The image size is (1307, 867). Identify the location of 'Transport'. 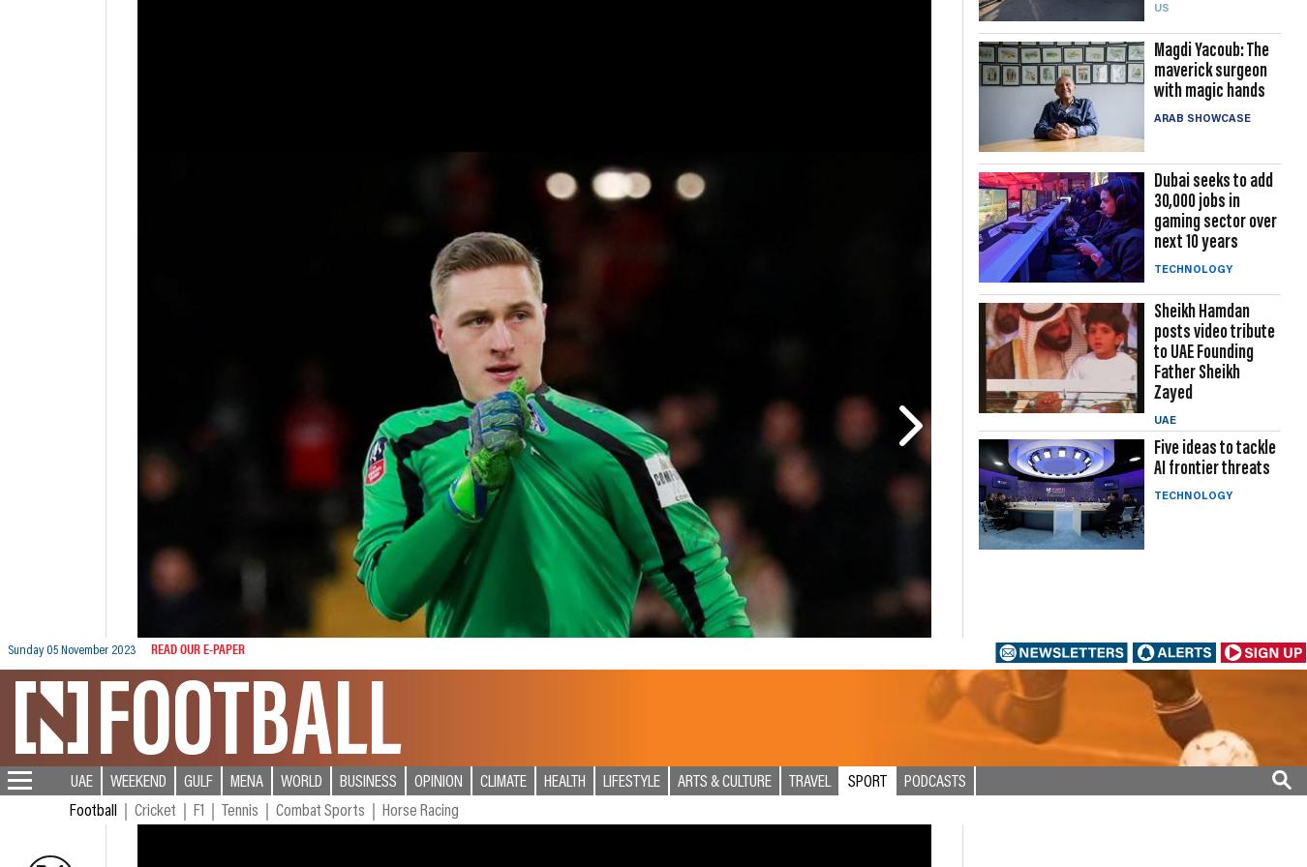
(46, 785).